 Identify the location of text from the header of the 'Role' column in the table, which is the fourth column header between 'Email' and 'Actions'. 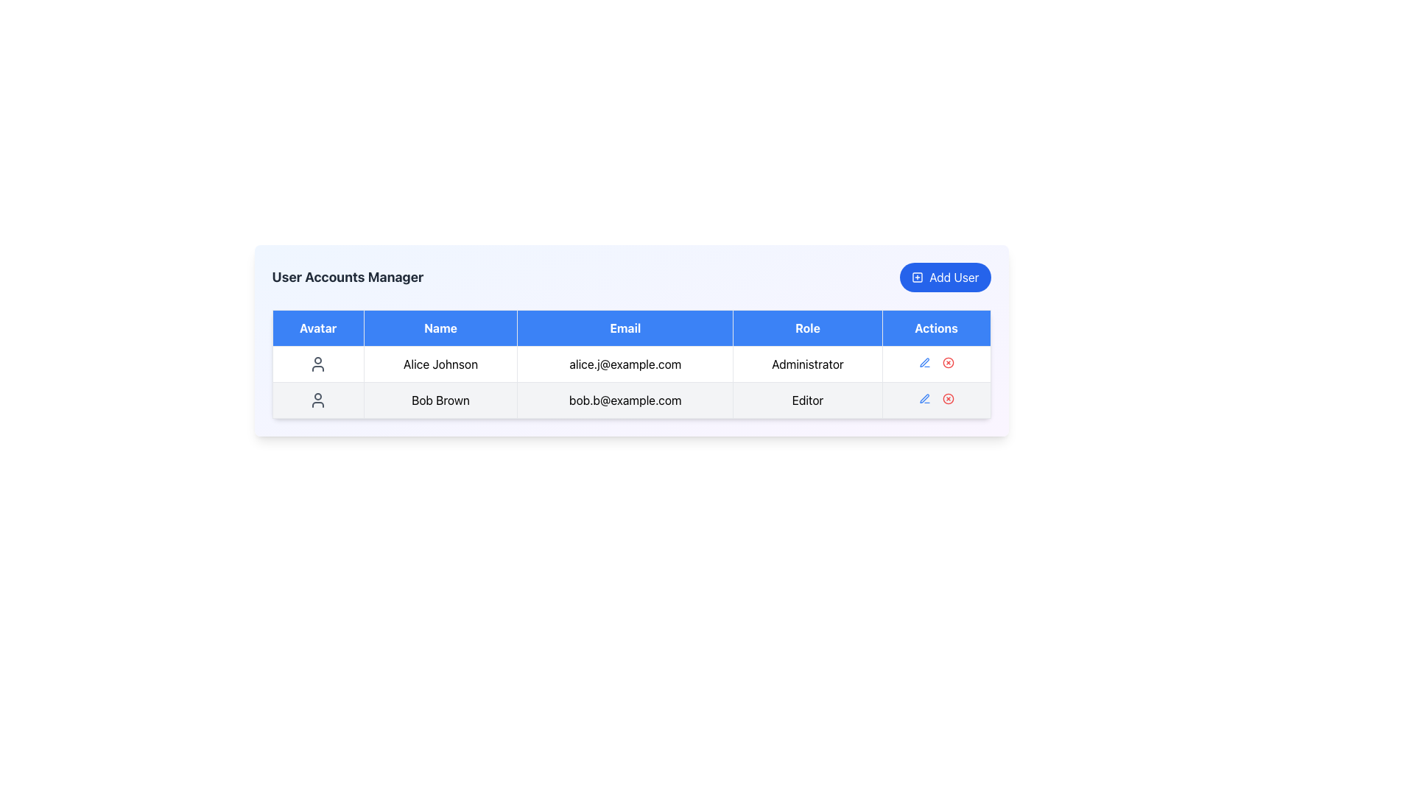
(806, 328).